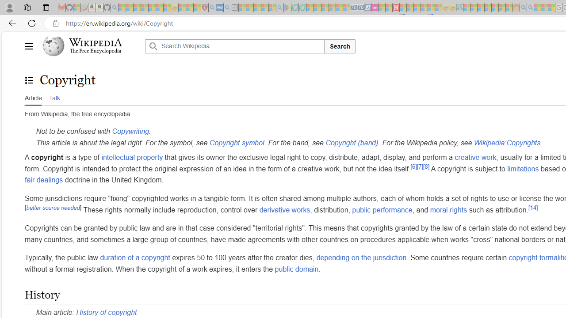  What do you see at coordinates (43, 179) in the screenshot?
I see `'fair dealings'` at bounding box center [43, 179].